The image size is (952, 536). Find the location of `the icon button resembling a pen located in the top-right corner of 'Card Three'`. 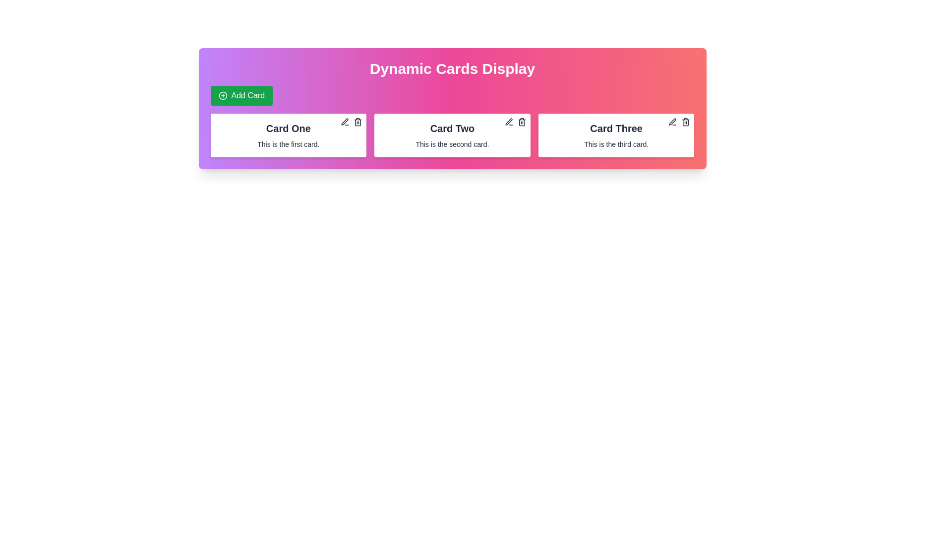

the icon button resembling a pen located in the top-right corner of 'Card Three' is located at coordinates (673, 122).